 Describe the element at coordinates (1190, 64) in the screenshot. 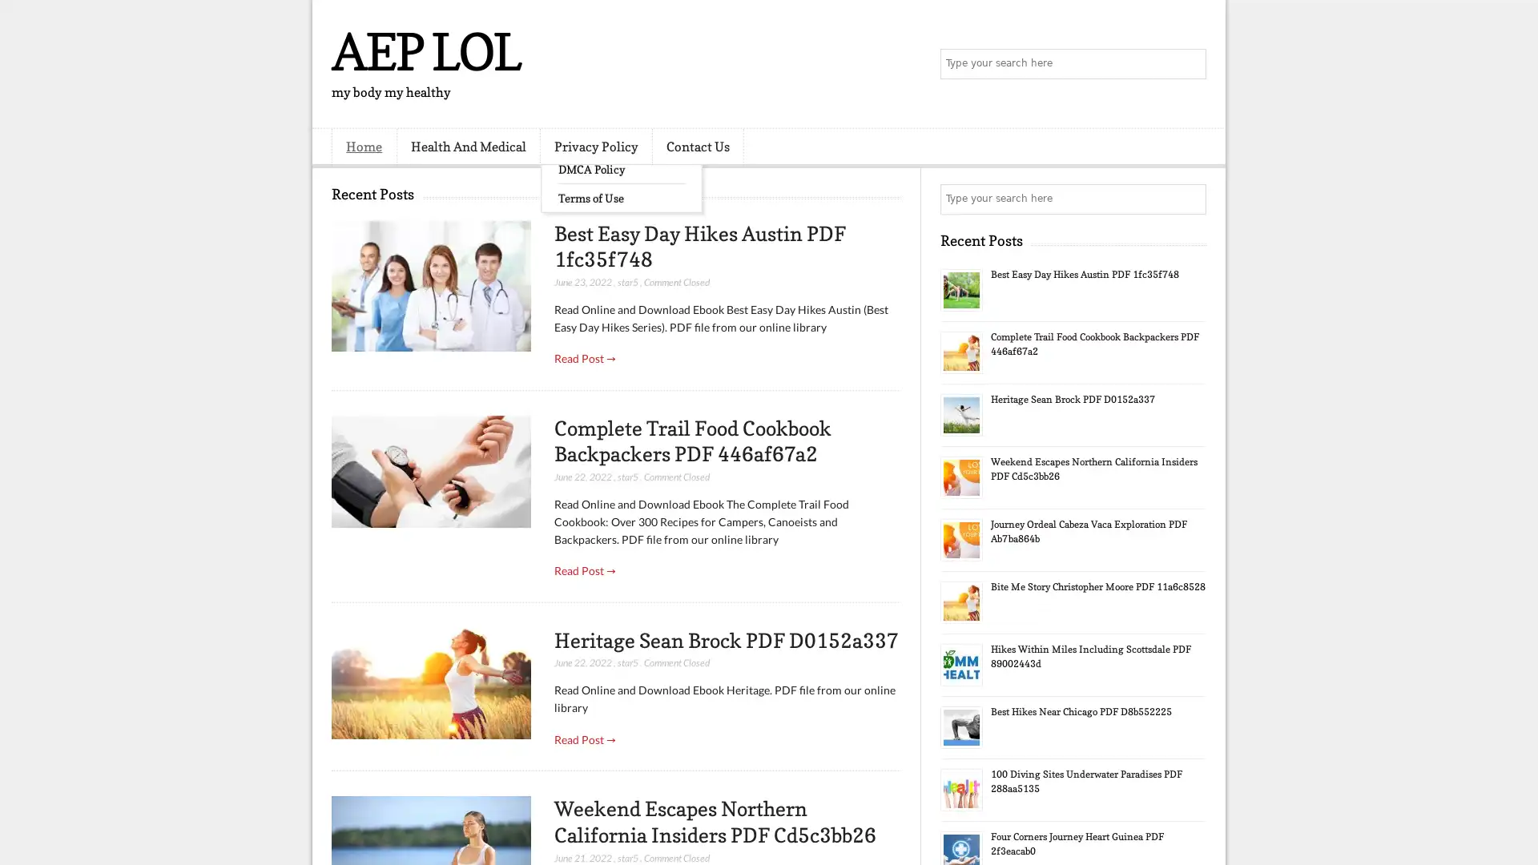

I see `Search` at that location.